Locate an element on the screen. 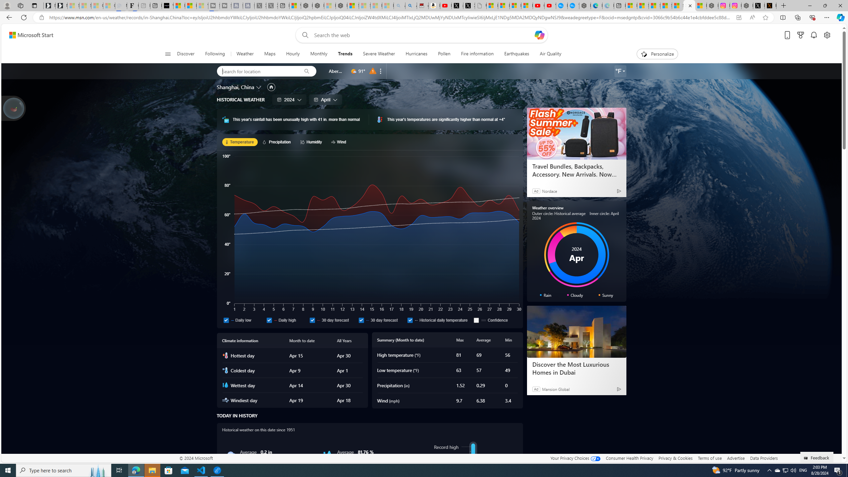  'YouTube Kids - An App Created for Kids to Explore Content' is located at coordinates (550, 5).